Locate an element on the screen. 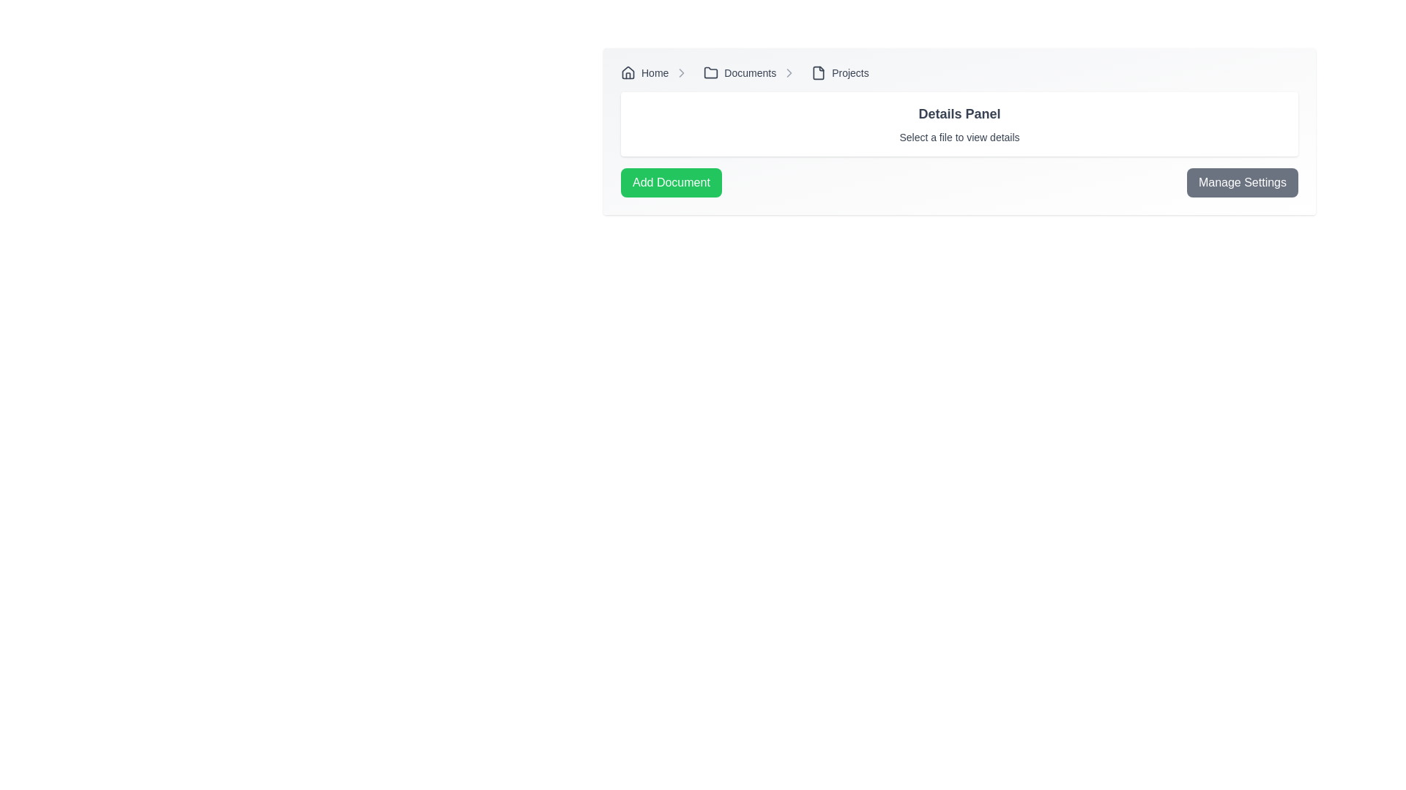 The width and height of the screenshot is (1406, 790). the small, house-shaped icon with a line art design located at the far left of the breadcrumb navigation bar, preceding the 'Home' text is located at coordinates (628, 73).